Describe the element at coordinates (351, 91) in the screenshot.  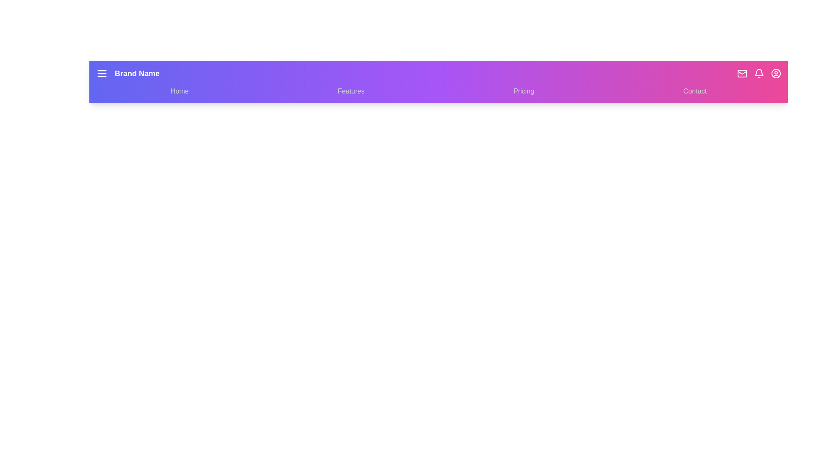
I see `the navigation link labeled Features` at that location.